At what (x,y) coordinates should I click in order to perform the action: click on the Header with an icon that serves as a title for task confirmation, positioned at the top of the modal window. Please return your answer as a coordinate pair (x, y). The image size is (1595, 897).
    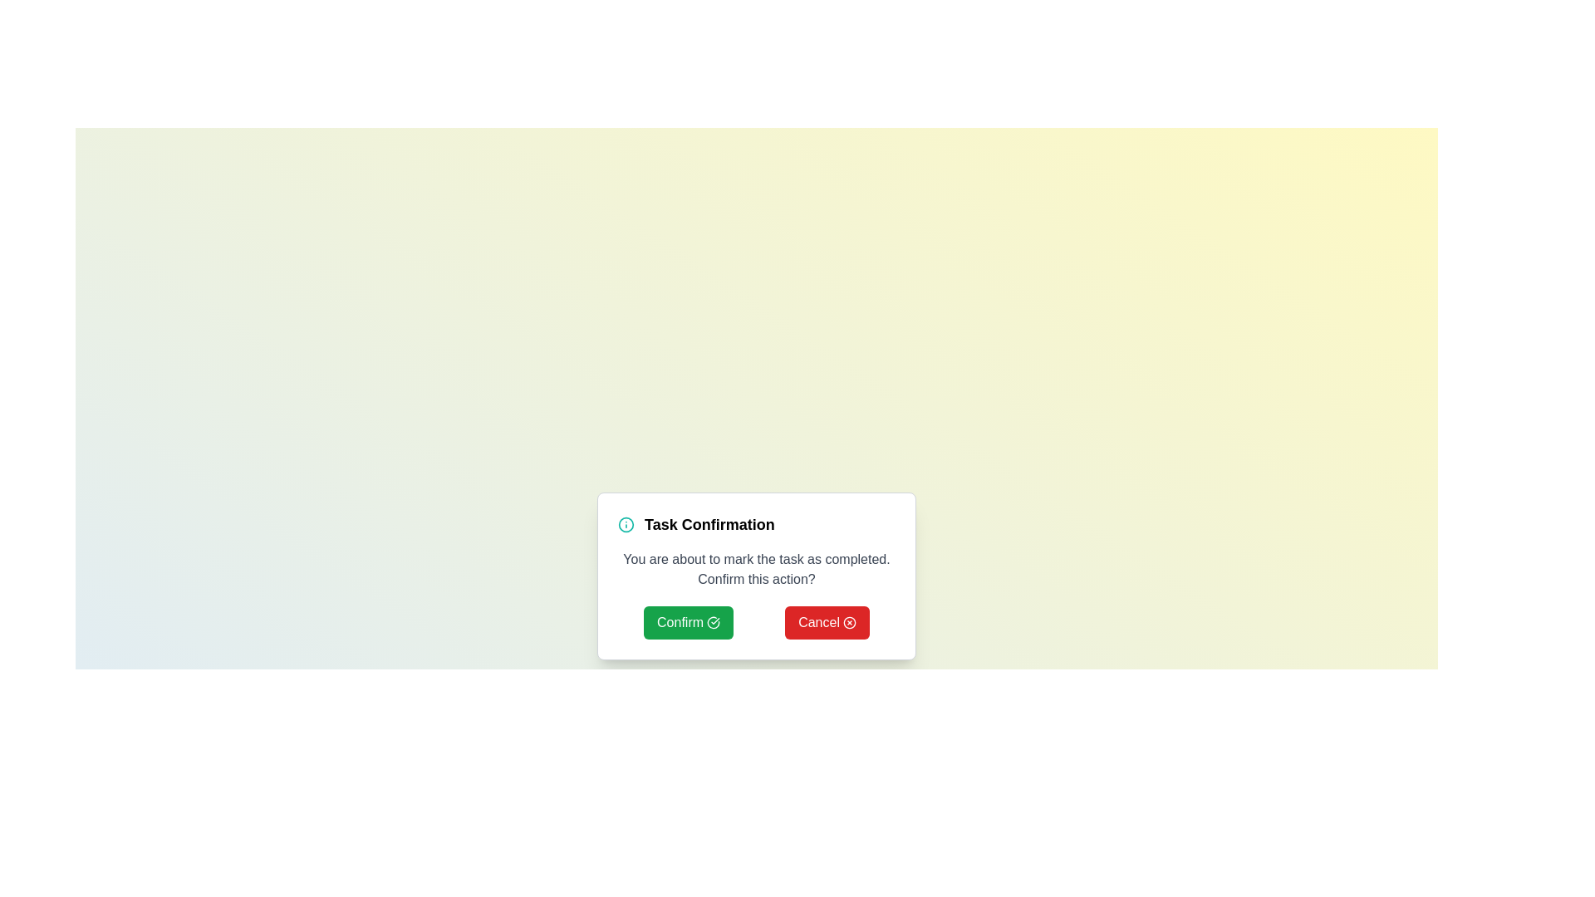
    Looking at the image, I should click on (756, 525).